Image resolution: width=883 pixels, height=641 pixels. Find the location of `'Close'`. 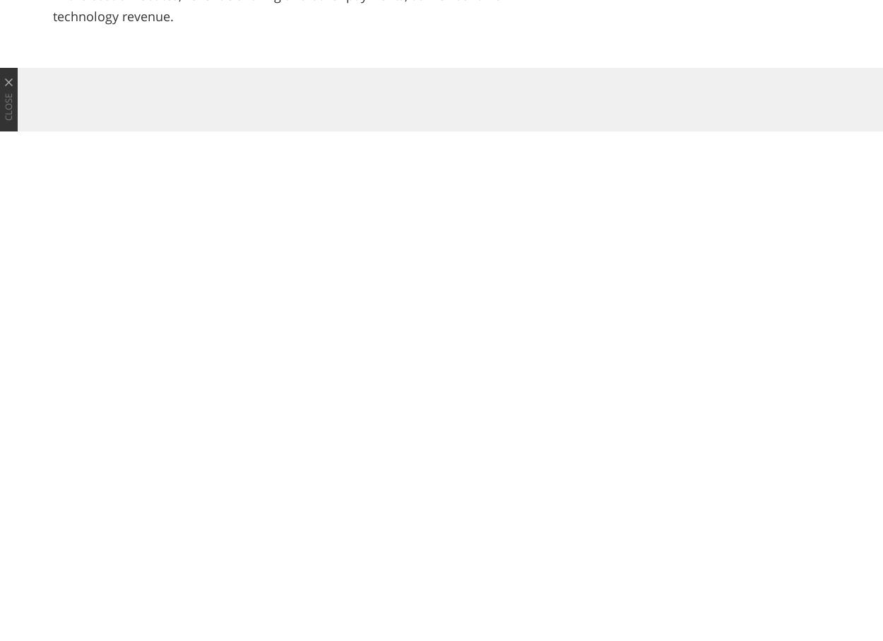

'Close' is located at coordinates (8, 107).